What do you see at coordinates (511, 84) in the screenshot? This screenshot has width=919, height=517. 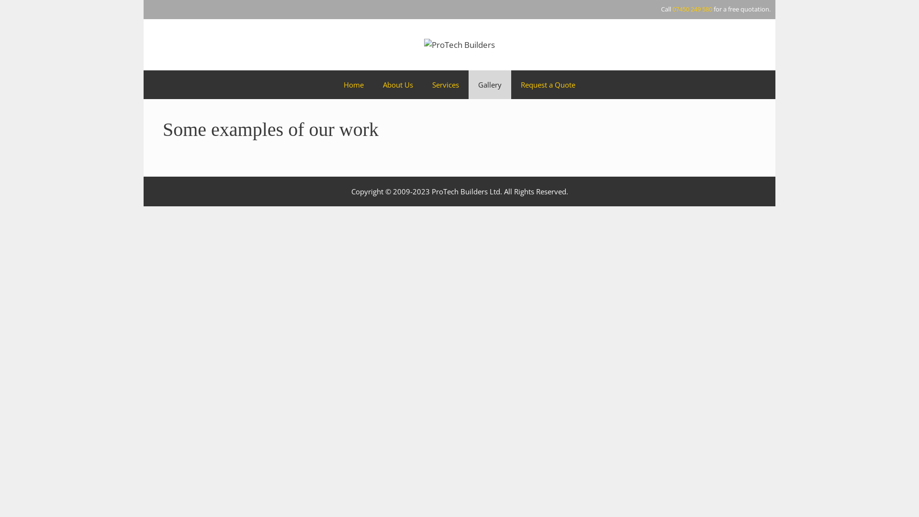 I see `'Request a Quote'` at bounding box center [511, 84].